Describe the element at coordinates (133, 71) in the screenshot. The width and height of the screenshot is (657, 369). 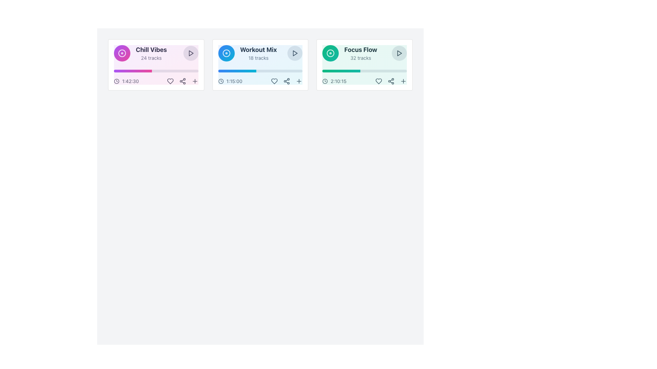
I see `the progress bar located below the 'Chill Vibes' heading, which is a horizontal gradient-colored bar transitioning from purple to pink` at that location.